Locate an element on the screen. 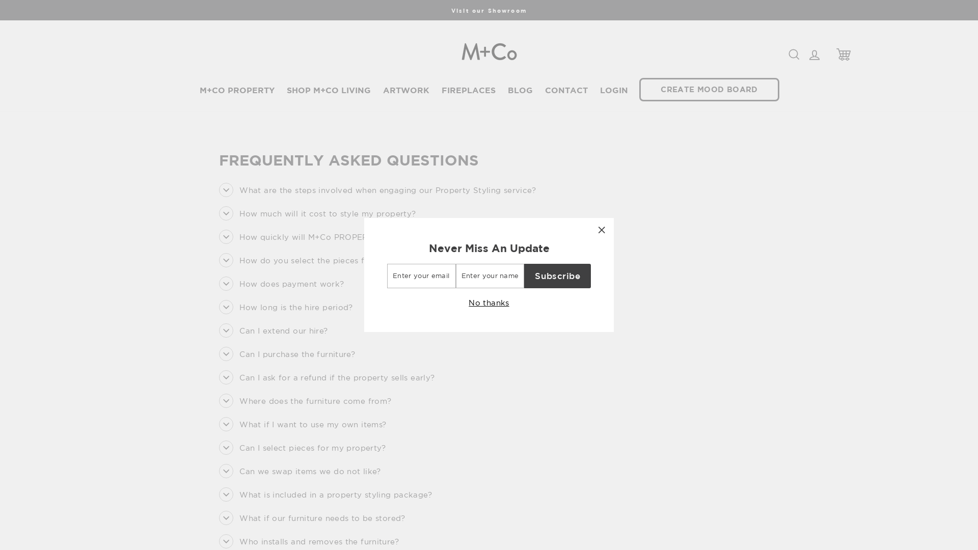 Image resolution: width=978 pixels, height=550 pixels. 'LOGIN' is located at coordinates (613, 90).